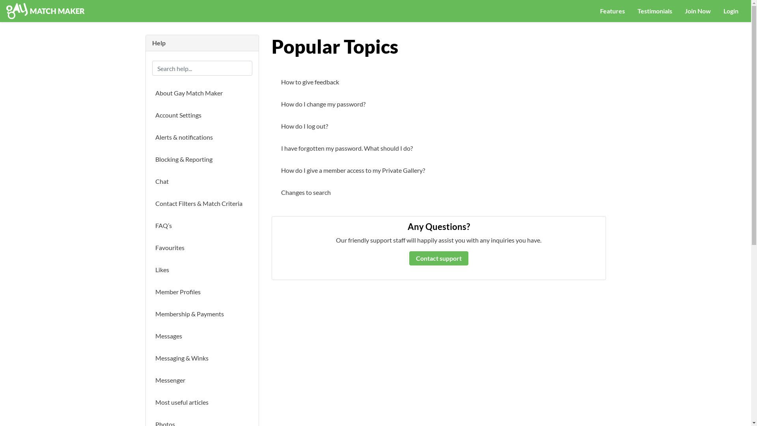 Image resolution: width=757 pixels, height=426 pixels. What do you see at coordinates (202, 92) in the screenshot?
I see `'About Gay Match Maker'` at bounding box center [202, 92].